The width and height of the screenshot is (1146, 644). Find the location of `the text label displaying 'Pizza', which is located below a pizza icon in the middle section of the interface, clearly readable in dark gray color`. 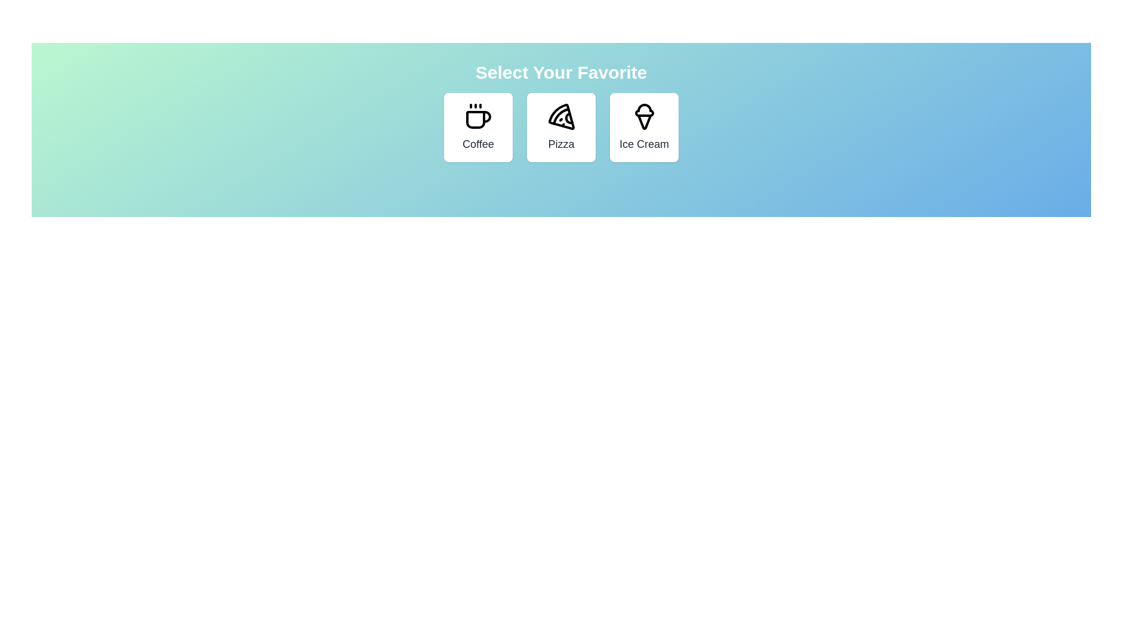

the text label displaying 'Pizza', which is located below a pizza icon in the middle section of the interface, clearly readable in dark gray color is located at coordinates (560, 144).